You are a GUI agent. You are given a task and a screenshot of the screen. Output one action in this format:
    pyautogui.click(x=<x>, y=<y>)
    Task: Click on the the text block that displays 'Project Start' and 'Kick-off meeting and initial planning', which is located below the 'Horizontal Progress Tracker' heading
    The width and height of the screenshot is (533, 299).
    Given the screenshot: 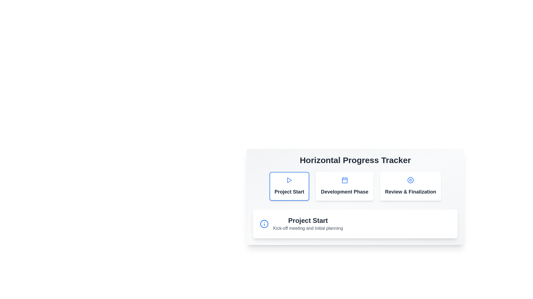 What is the action you would take?
    pyautogui.click(x=308, y=224)
    